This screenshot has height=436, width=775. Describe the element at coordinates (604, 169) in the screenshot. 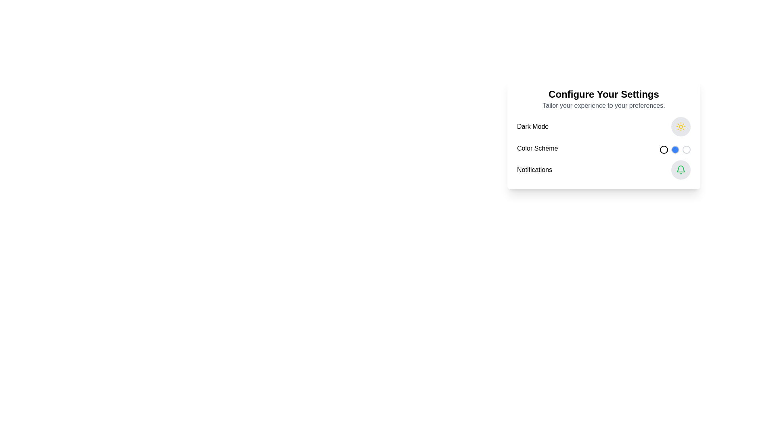

I see `the 'Notifications' settings option in the 'Configure Your Settings' panel` at that location.